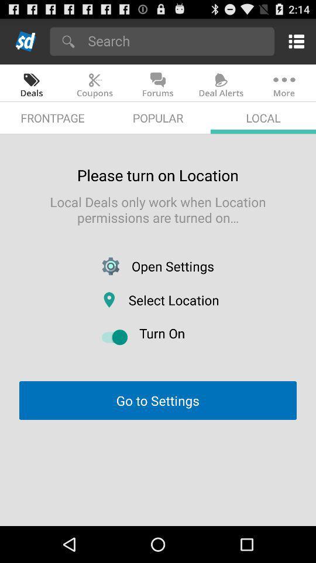 The width and height of the screenshot is (316, 563). I want to click on search bar, so click(177, 40).